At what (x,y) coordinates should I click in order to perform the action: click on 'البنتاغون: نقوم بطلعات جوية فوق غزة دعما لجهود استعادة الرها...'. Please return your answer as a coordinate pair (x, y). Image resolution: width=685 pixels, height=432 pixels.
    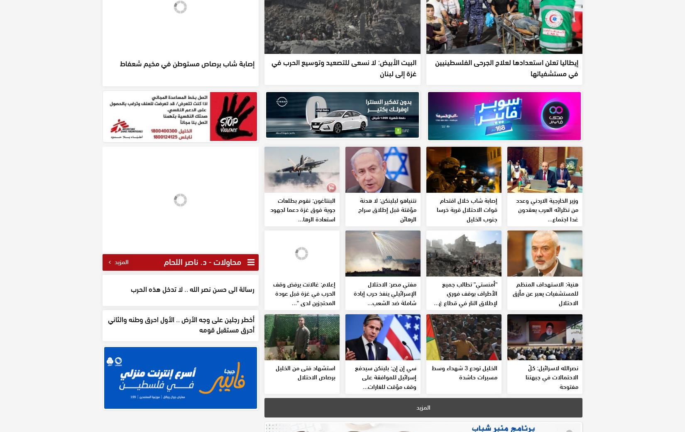
    Looking at the image, I should click on (302, 269).